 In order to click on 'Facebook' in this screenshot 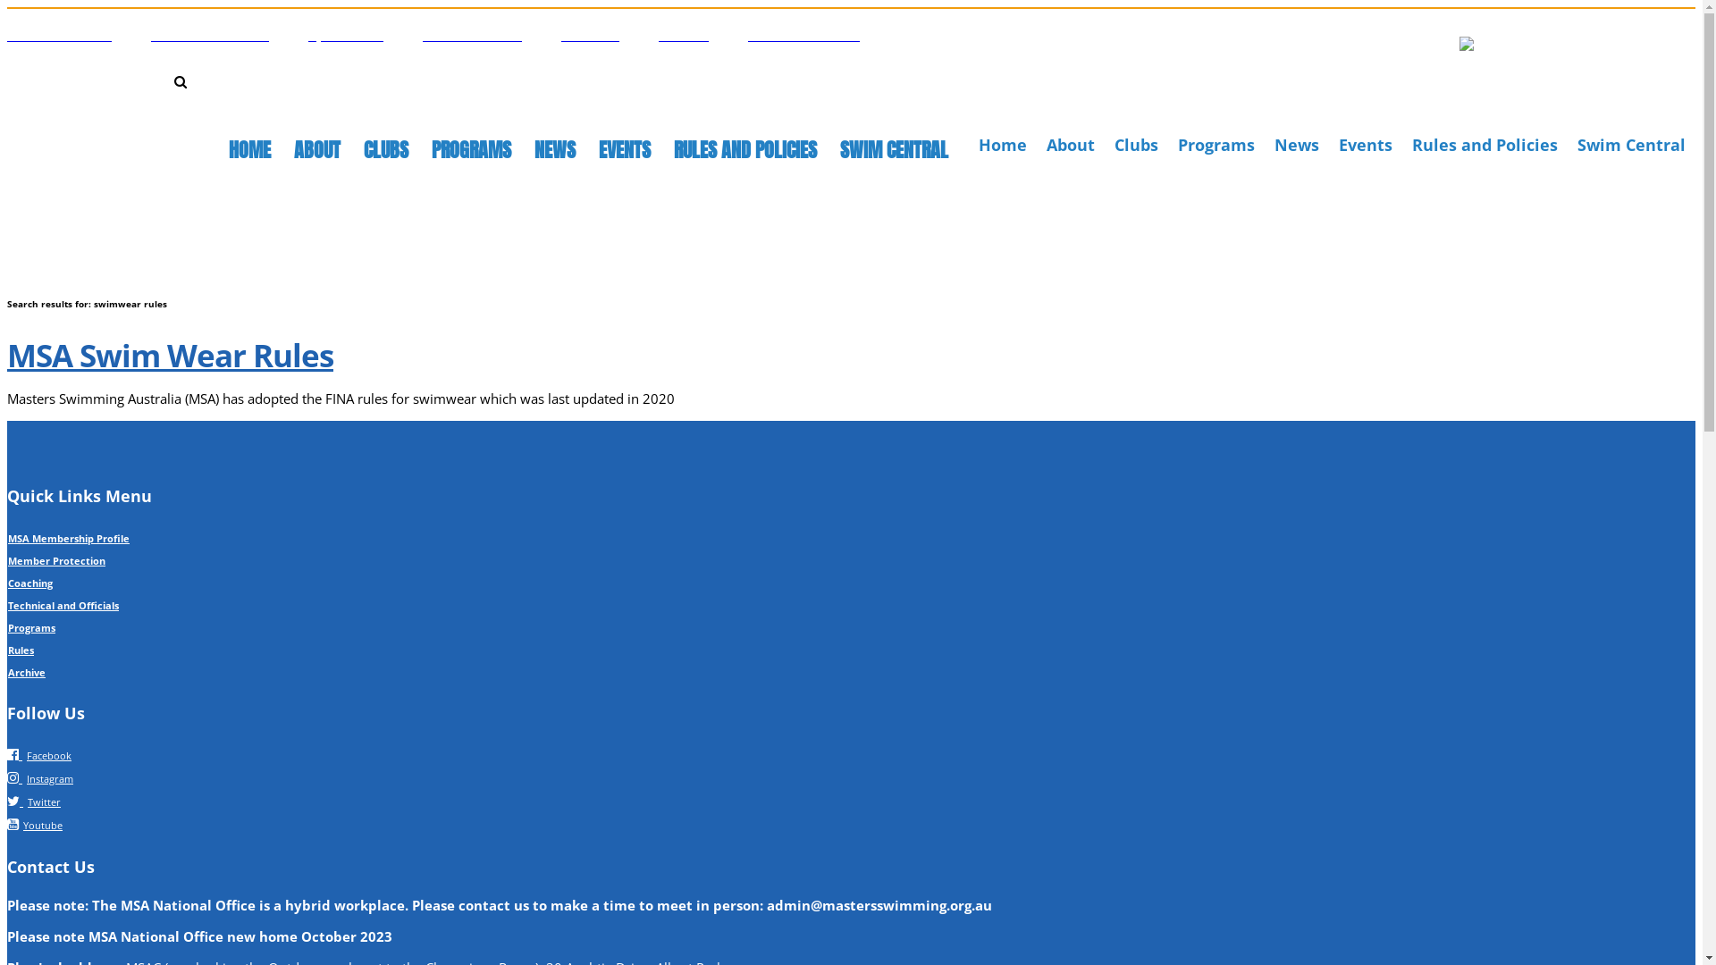, I will do `click(38, 754)`.